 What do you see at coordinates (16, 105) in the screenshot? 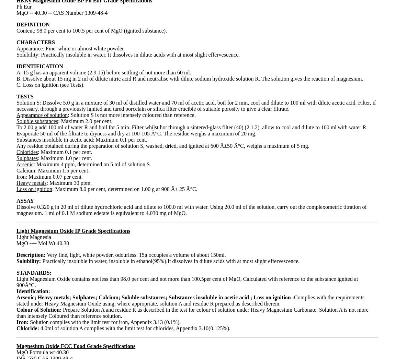
I see `': Dissolve 5.0 g in a mixture of 30 ml  of distilled water and 70 ml of  acetic acid, boil for 2 min,  cool and dilute to 100 ml with dilute  acetic acid. Filter, if necessary, through a previously ignited and  tared porcelain or silica filter crucible of suitable porosity to give a clear filtrate.'` at bounding box center [16, 105].